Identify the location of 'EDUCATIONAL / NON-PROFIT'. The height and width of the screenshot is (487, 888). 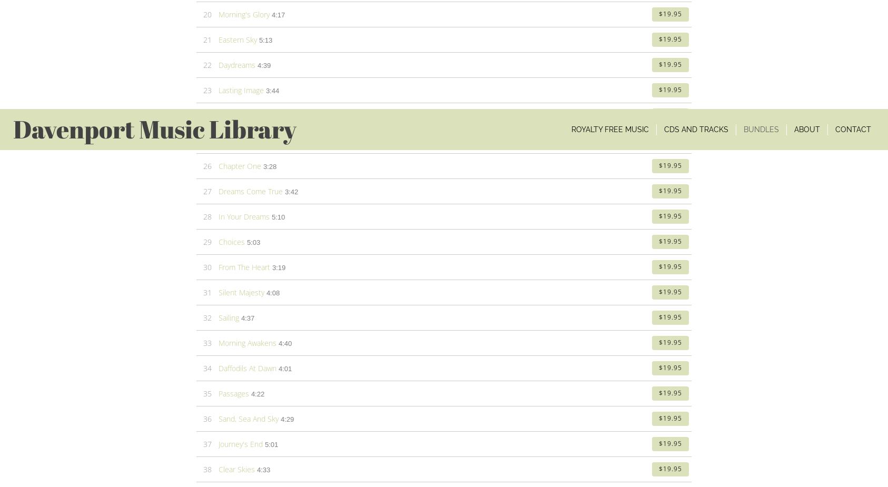
(458, 328).